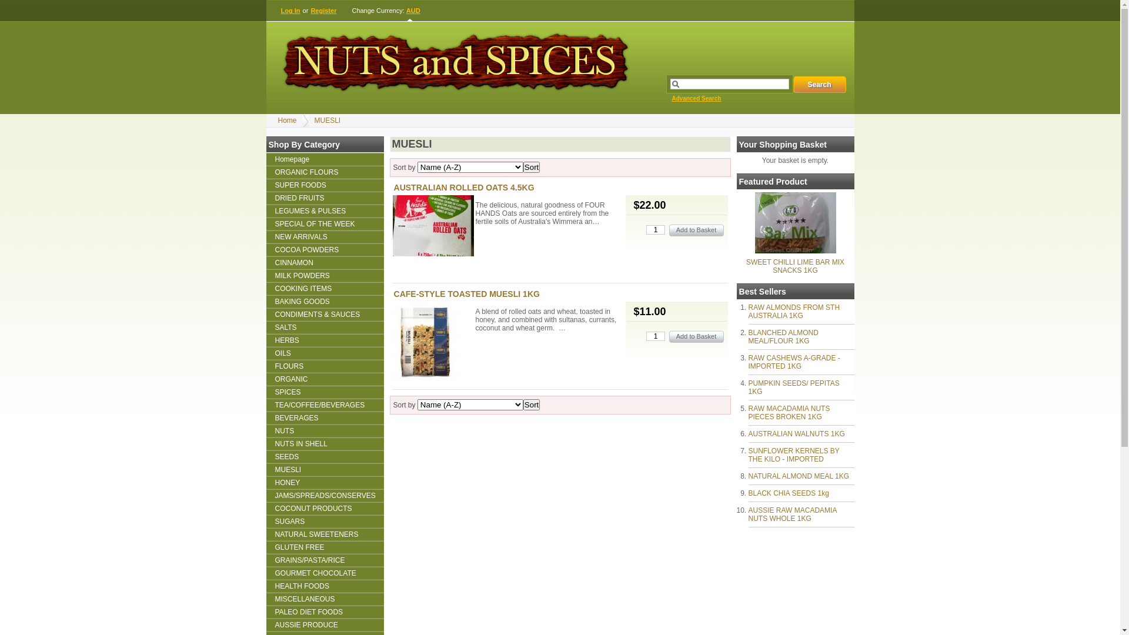 This screenshot has width=1129, height=635. I want to click on 'PUMPKIN SEEDS/ PEPITAS 1KG', so click(793, 387).